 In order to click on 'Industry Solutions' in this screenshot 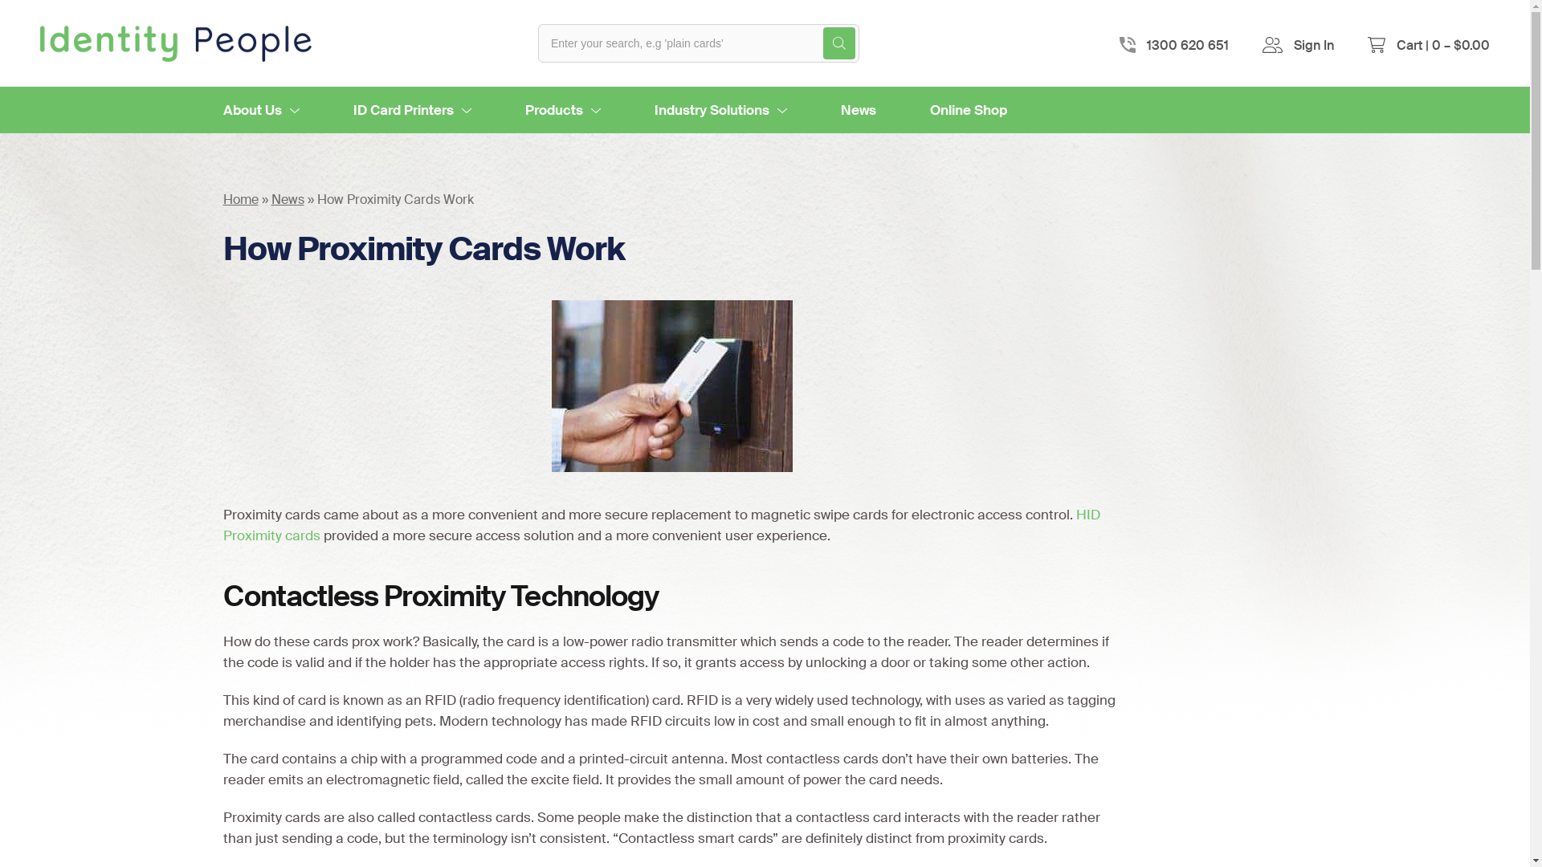, I will do `click(719, 109)`.